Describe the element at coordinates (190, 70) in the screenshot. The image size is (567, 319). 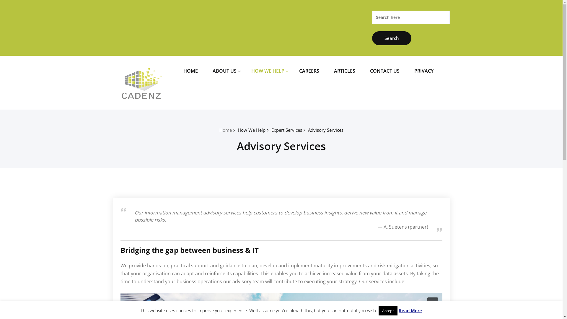
I see `'HOME'` at that location.